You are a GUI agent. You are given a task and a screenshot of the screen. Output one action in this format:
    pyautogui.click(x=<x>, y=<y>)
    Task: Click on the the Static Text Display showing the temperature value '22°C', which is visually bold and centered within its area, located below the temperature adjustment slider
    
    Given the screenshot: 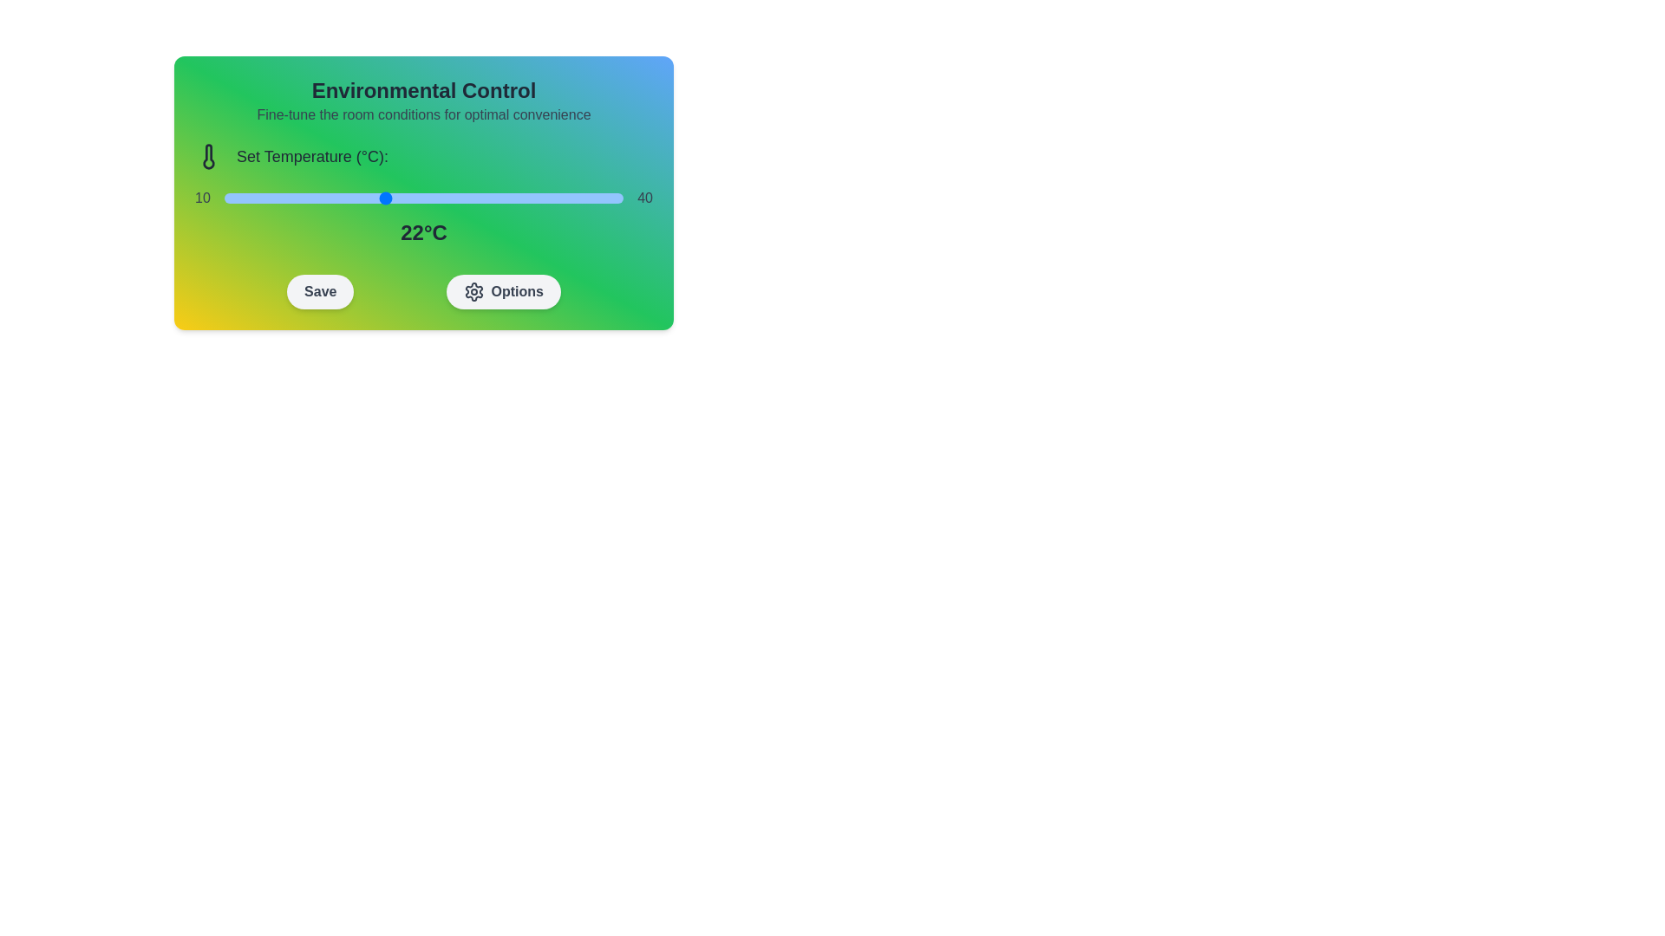 What is the action you would take?
    pyautogui.click(x=424, y=232)
    